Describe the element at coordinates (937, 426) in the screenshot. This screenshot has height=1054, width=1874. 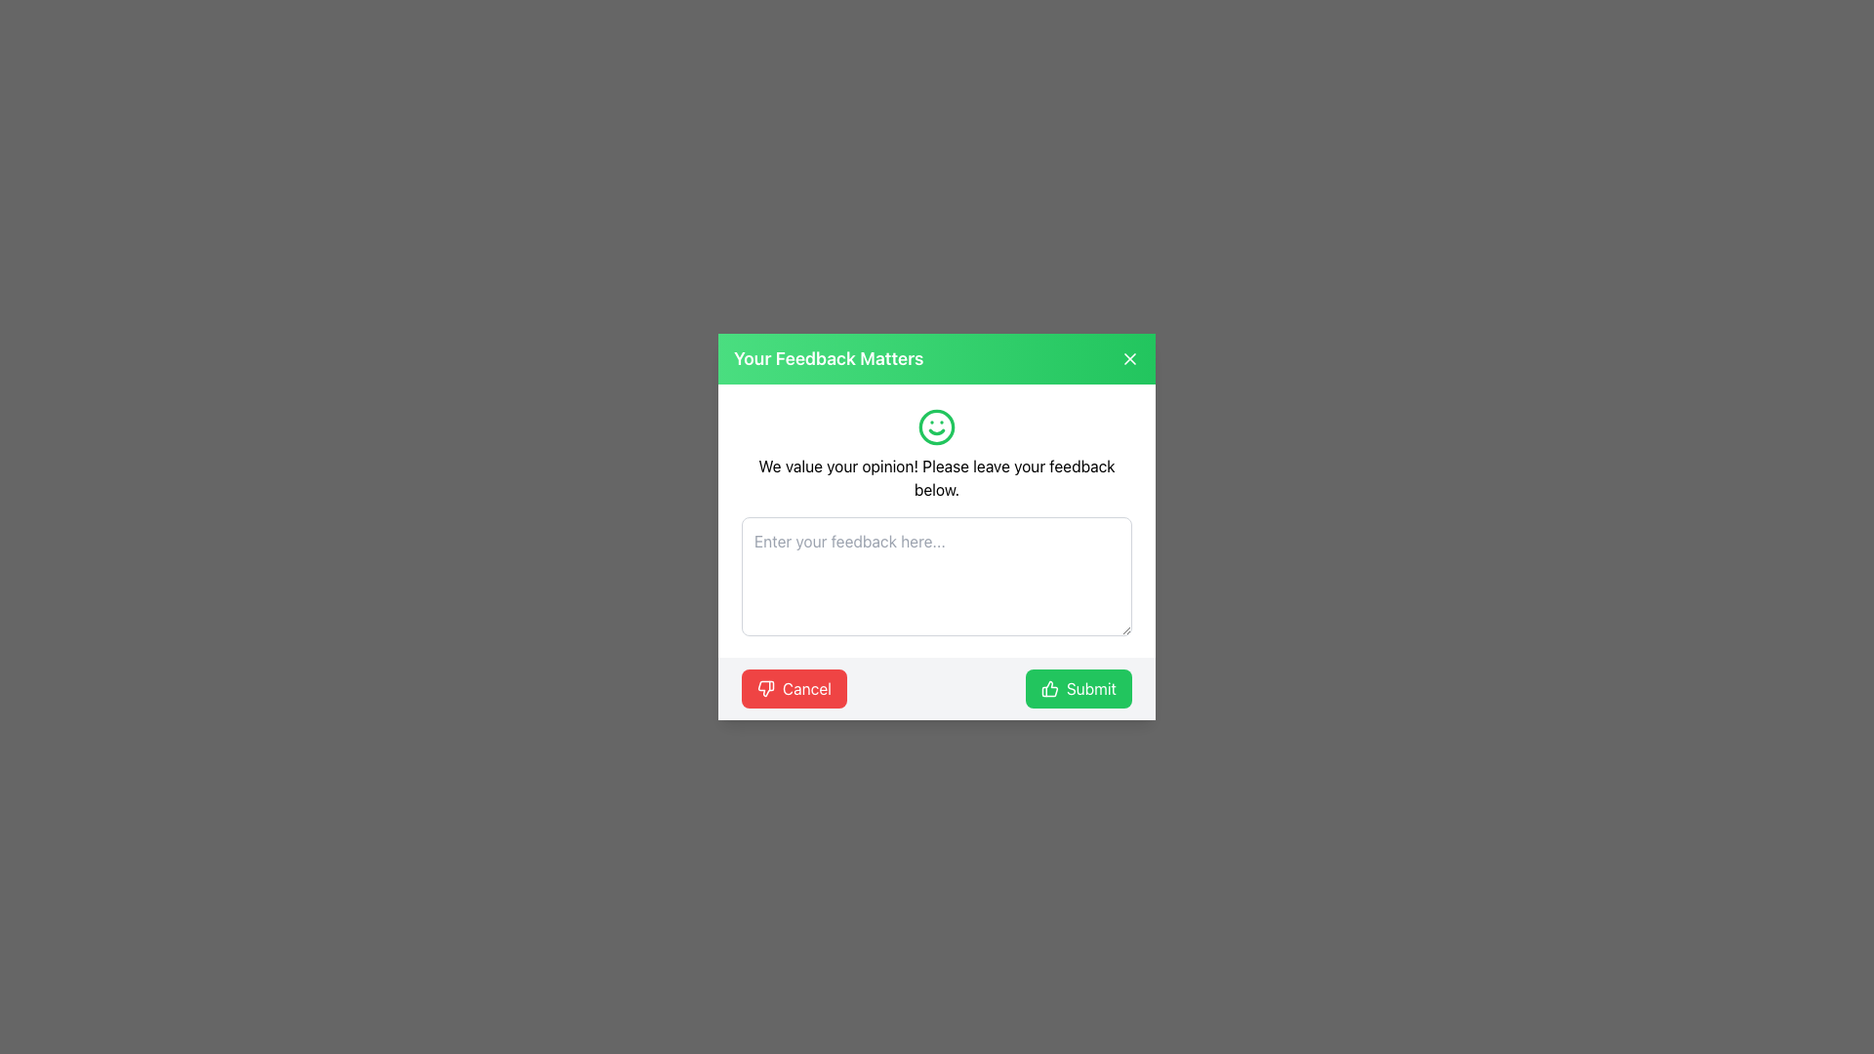
I see `the circular icon with a green outline and a smiling face, located at the top-center of the feedback dialog box, above the text 'We value your opinion! Please leave your feedback below.'` at that location.